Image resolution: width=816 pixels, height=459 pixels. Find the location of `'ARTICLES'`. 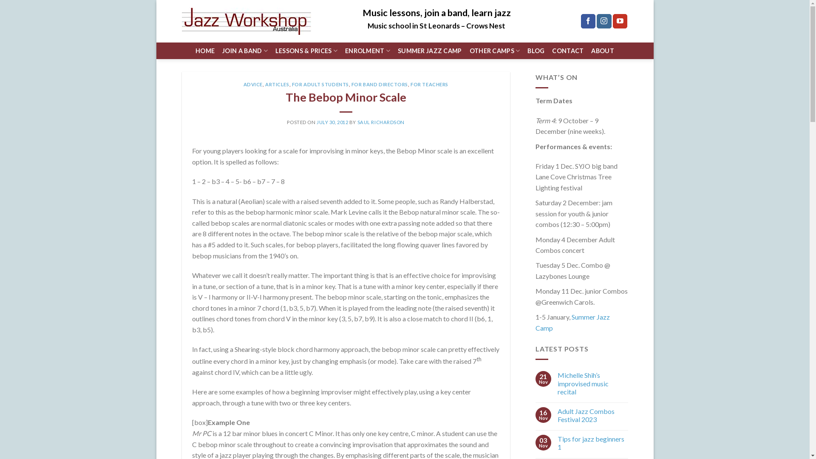

'ARTICLES' is located at coordinates (265, 84).